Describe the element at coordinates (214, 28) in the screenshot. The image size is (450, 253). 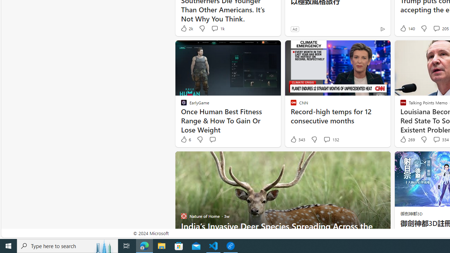
I see `'View comments 1k Comment'` at that location.